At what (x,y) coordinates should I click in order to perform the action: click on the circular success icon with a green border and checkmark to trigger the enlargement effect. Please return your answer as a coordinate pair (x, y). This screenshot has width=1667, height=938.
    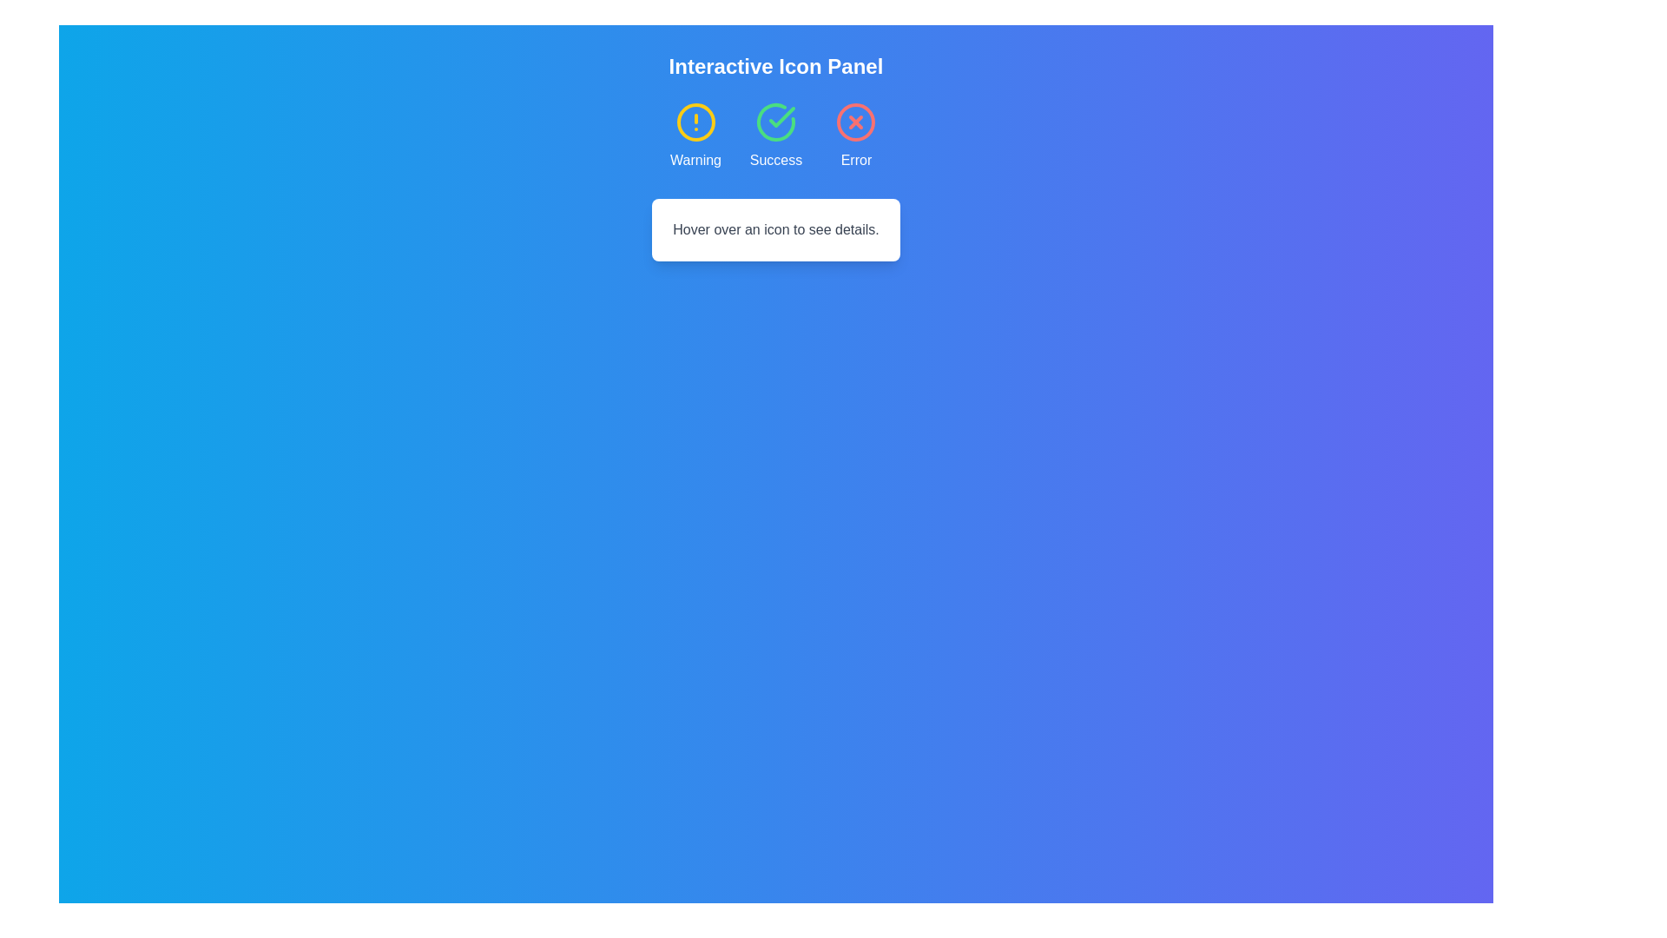
    Looking at the image, I should click on (774, 122).